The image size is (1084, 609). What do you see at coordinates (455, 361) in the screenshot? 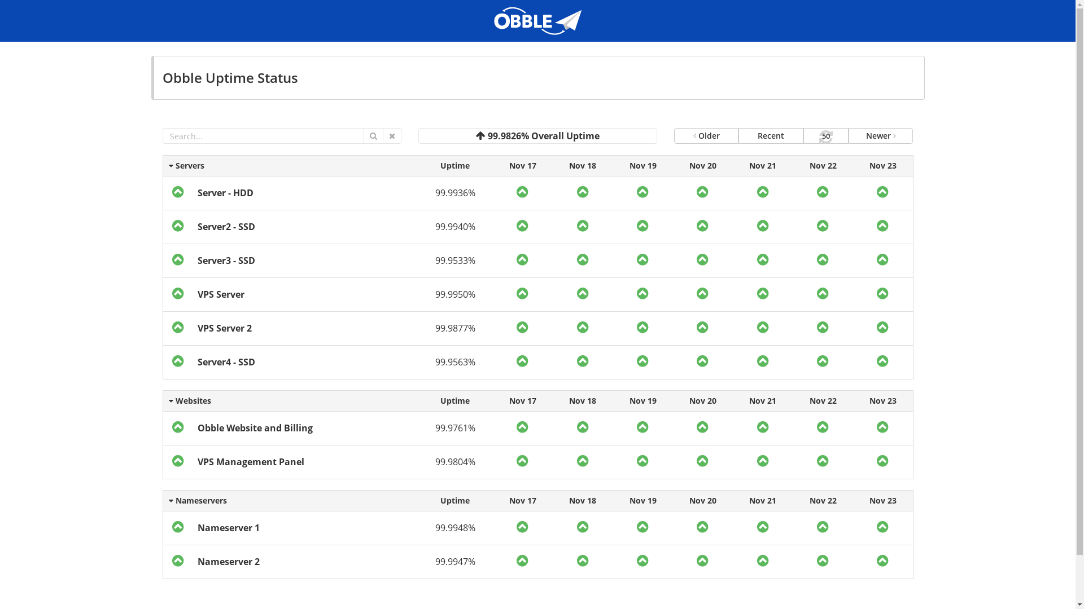
I see `'99.9563%'` at bounding box center [455, 361].